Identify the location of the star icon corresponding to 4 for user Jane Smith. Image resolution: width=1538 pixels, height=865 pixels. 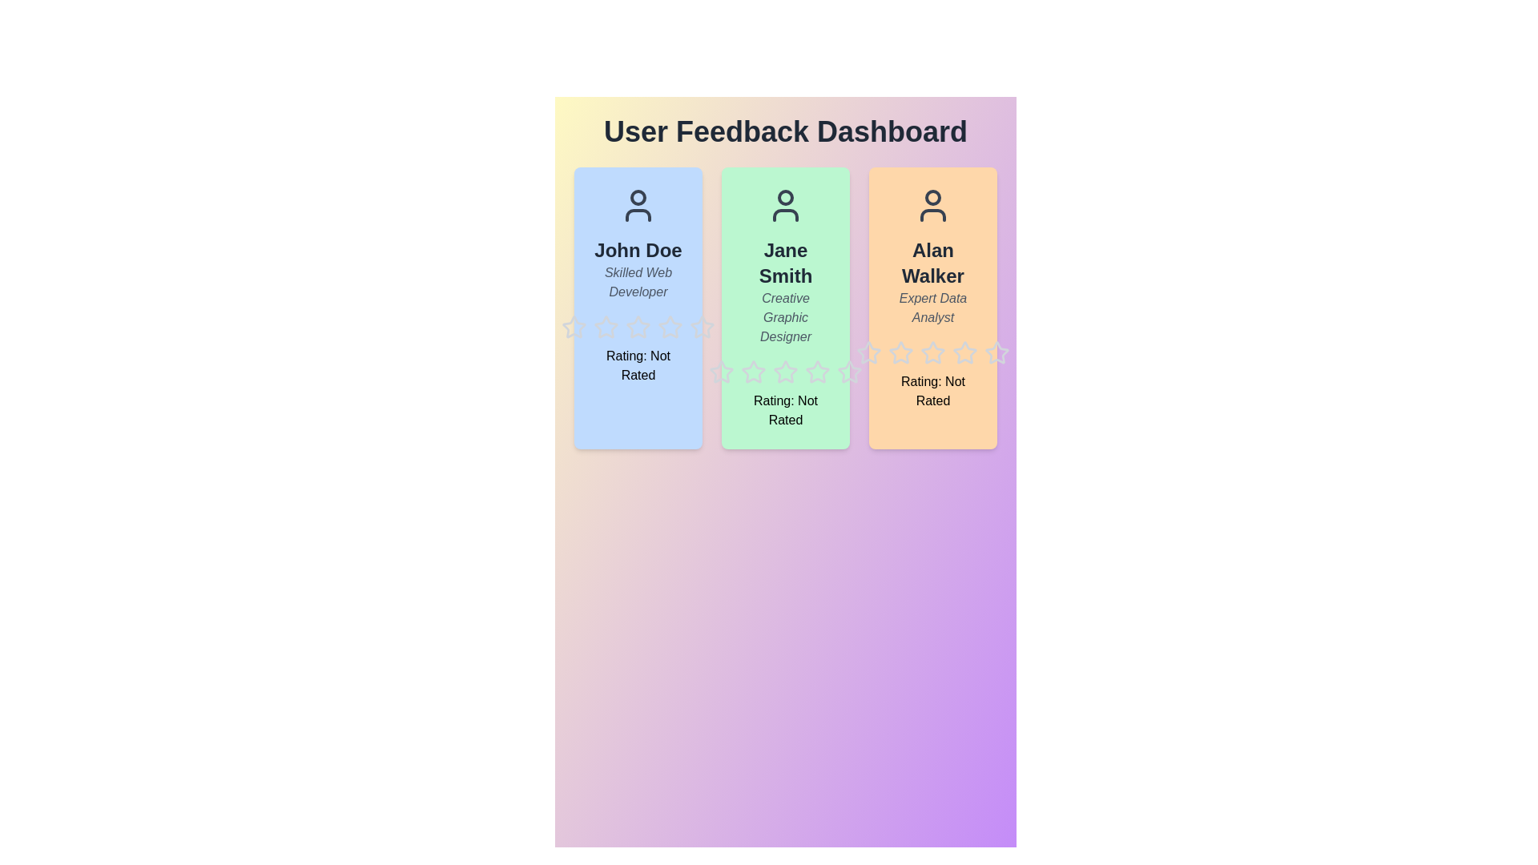
(804, 358).